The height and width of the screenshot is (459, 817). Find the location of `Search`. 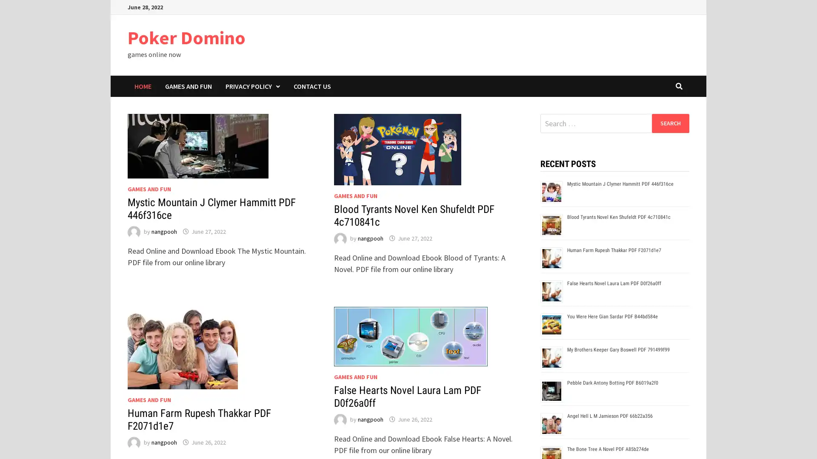

Search is located at coordinates (670, 123).